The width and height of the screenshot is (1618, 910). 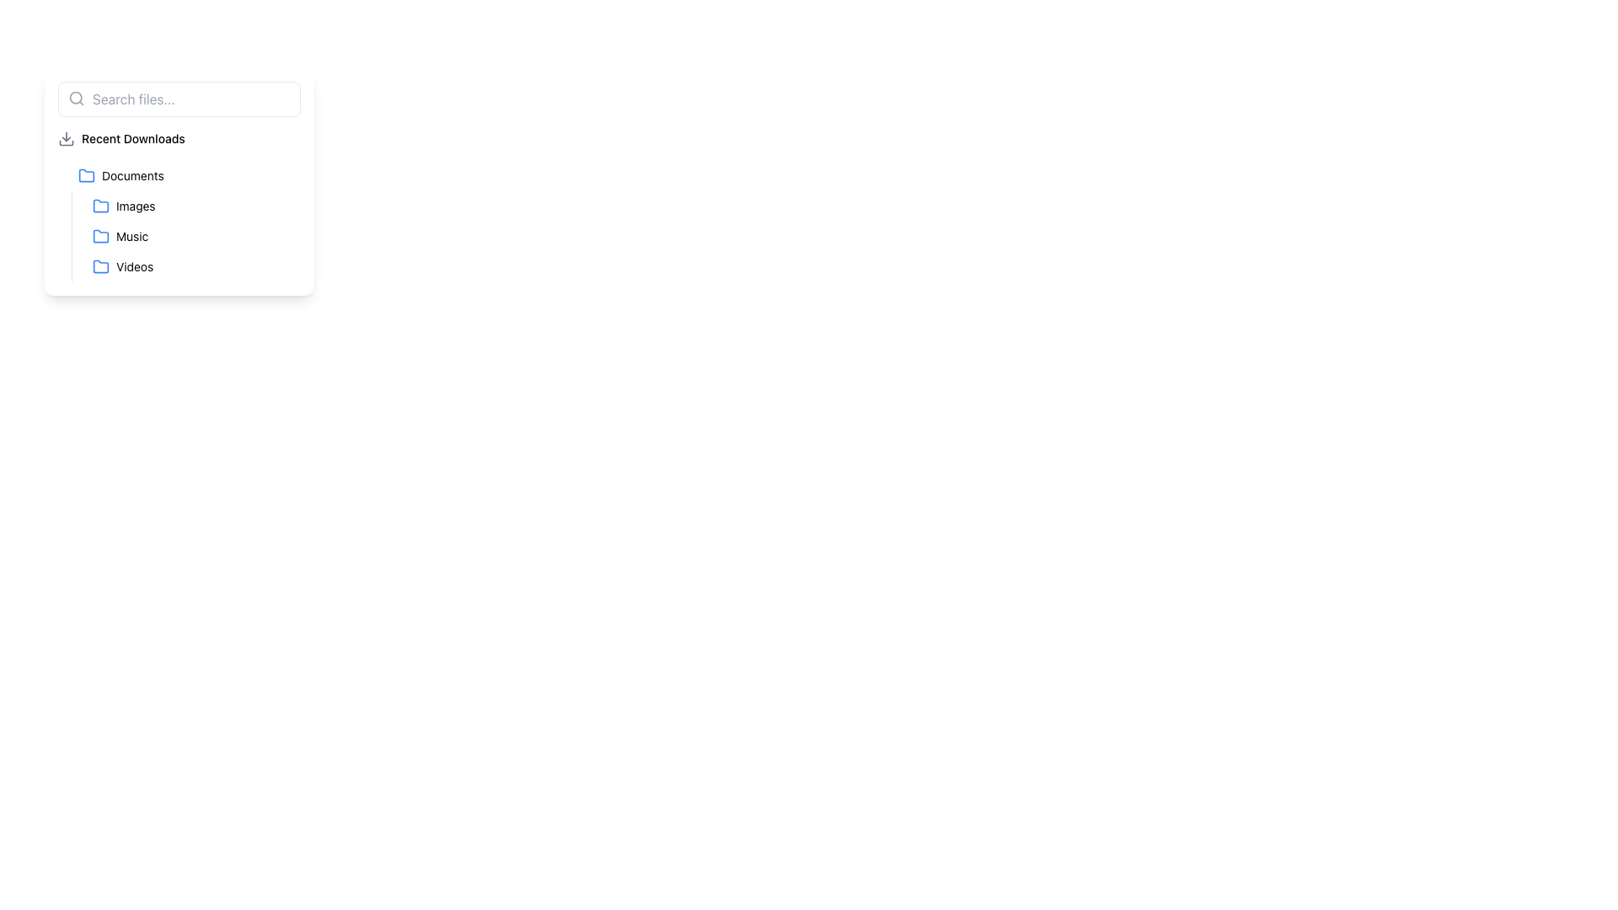 What do you see at coordinates (76, 98) in the screenshot?
I see `the magnifying glass icon representing the search feature, which is located at the top-left corner of the search input field` at bounding box center [76, 98].